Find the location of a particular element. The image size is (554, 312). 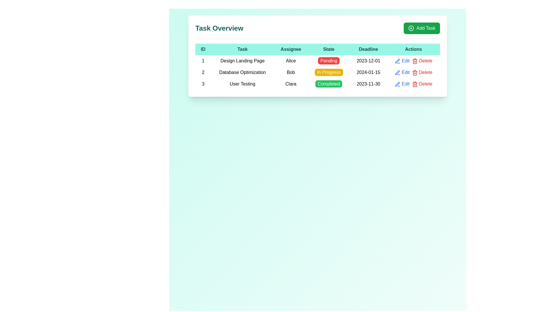

the Status badge with a red background and white text reading 'Pending', located in the 'State' column of the table under 'Task Overview', on the same row as the 'Design Landing Page' task is located at coordinates (329, 61).